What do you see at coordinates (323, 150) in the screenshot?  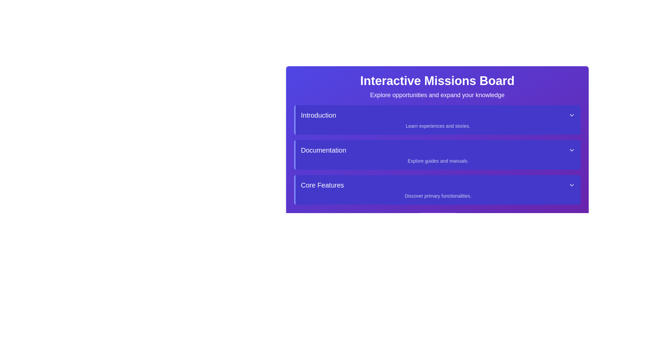 I see `the 'Documentation' text label` at bounding box center [323, 150].